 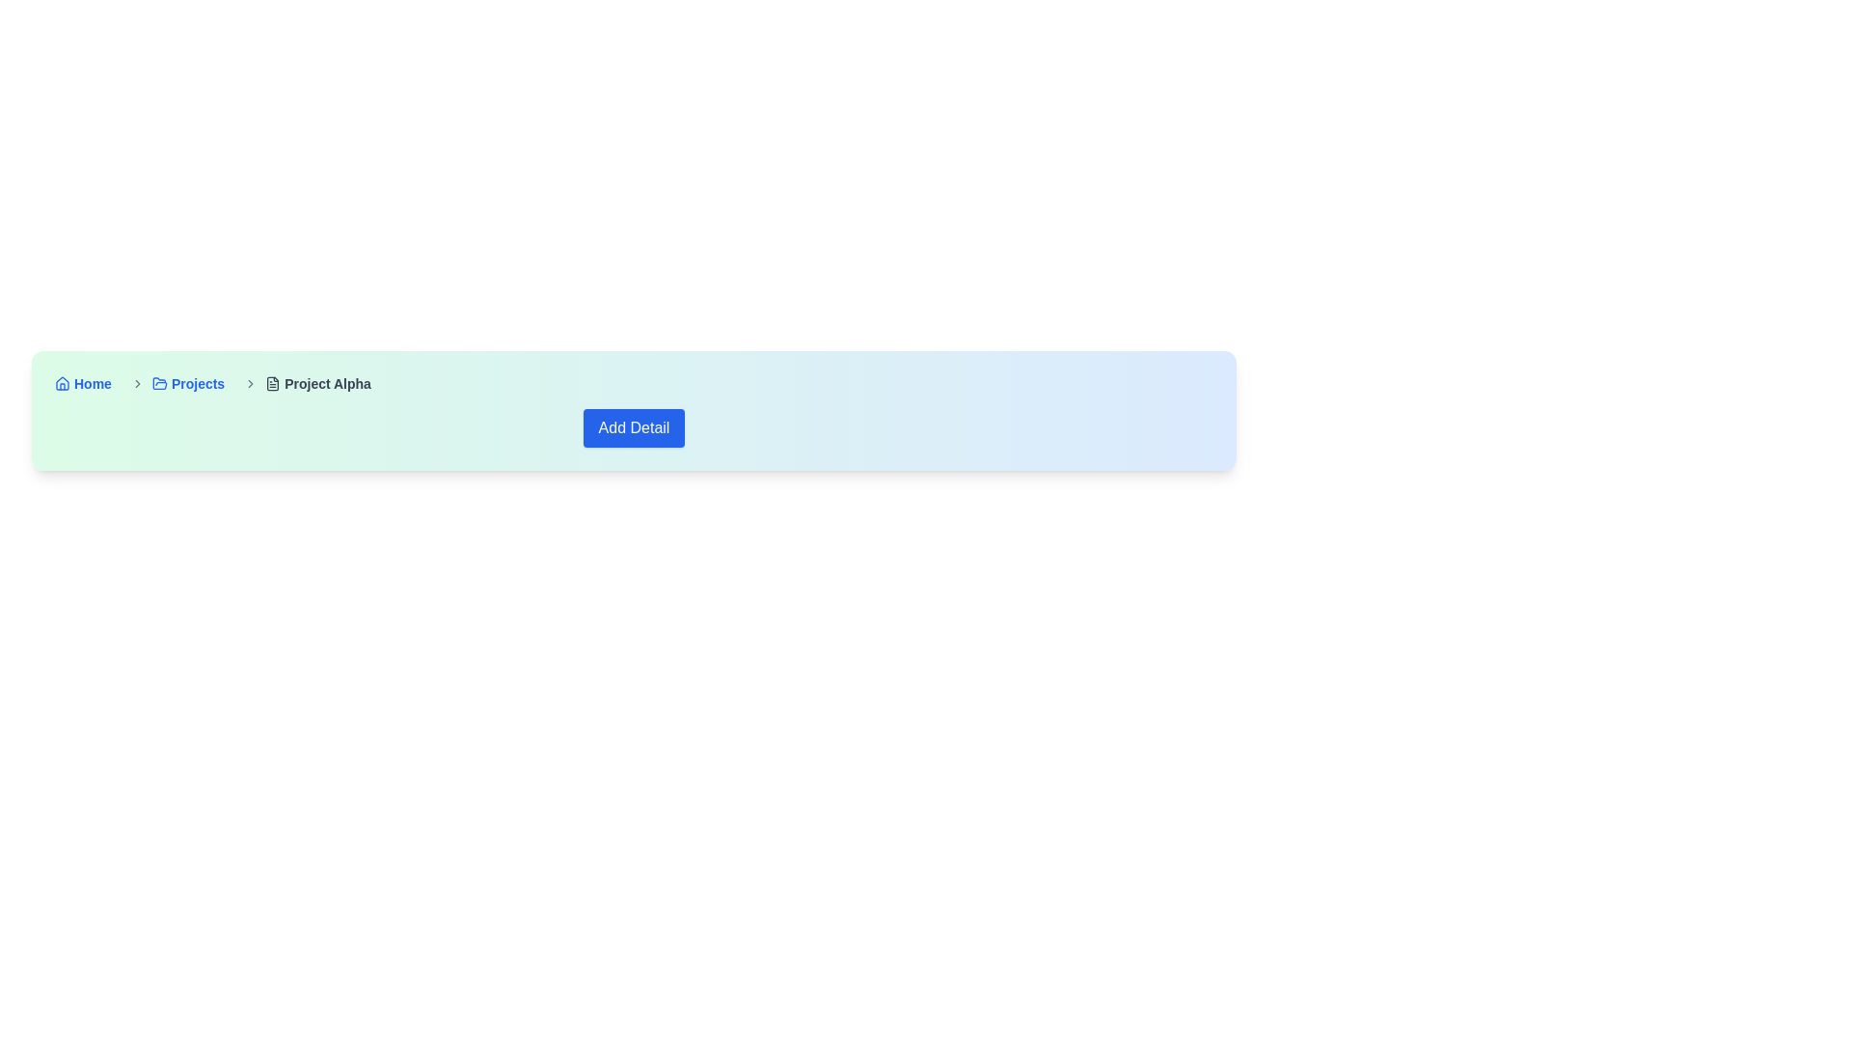 What do you see at coordinates (272, 383) in the screenshot?
I see `the SVG-based document icon located in the breadcrumb navigation bar, positioned between the 'Projects' link and the 'Project Alpha' label` at bounding box center [272, 383].